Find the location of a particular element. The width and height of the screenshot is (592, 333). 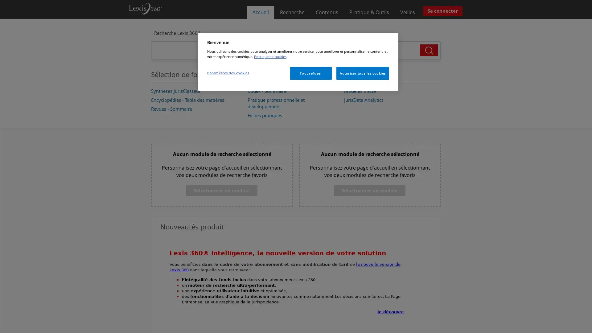

Autoriser tous les cookies is located at coordinates (363, 72).